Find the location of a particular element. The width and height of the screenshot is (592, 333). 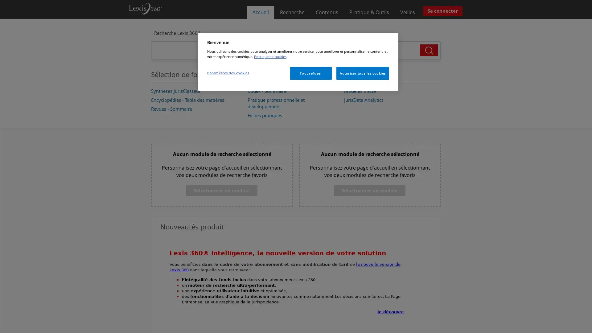

Autoriser tous les cookies is located at coordinates (363, 72).